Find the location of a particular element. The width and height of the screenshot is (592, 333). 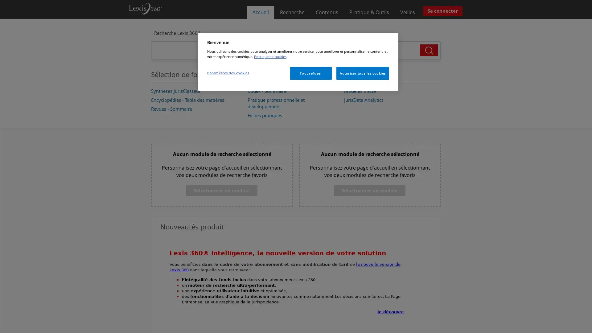

Autoriser tous les cookies is located at coordinates (363, 72).